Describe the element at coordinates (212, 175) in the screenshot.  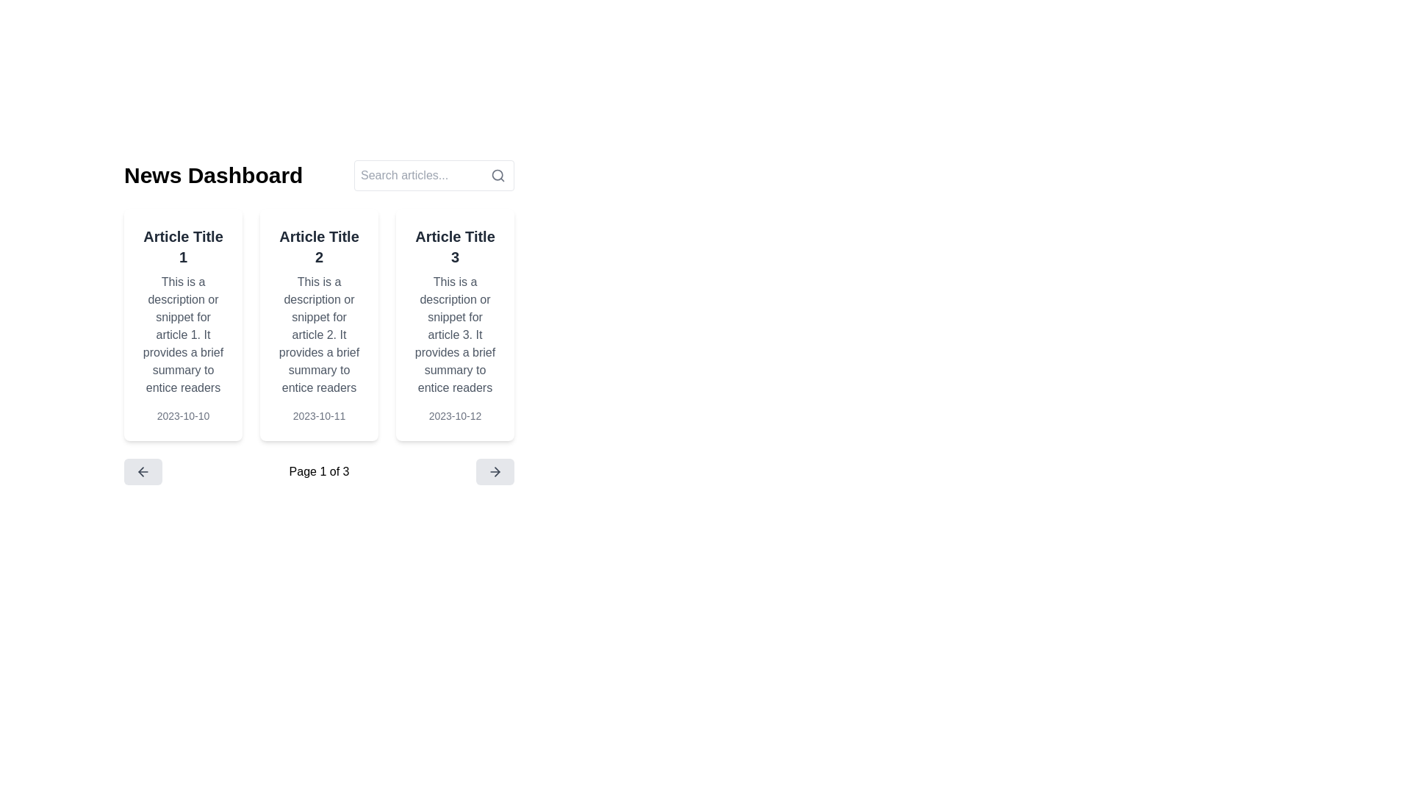
I see `the bold, large-sized text label reading 'News Dashboard' located at the upper left of the main header area` at that location.